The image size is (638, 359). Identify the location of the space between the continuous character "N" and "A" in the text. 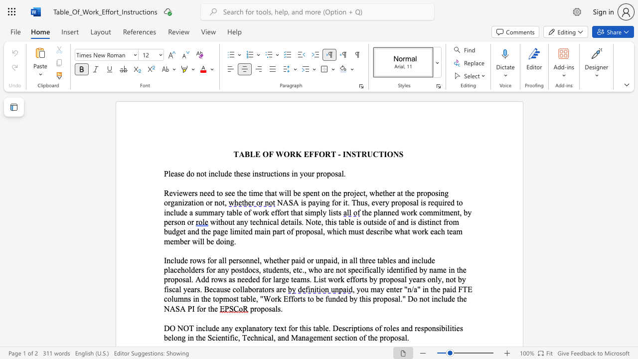
(282, 202).